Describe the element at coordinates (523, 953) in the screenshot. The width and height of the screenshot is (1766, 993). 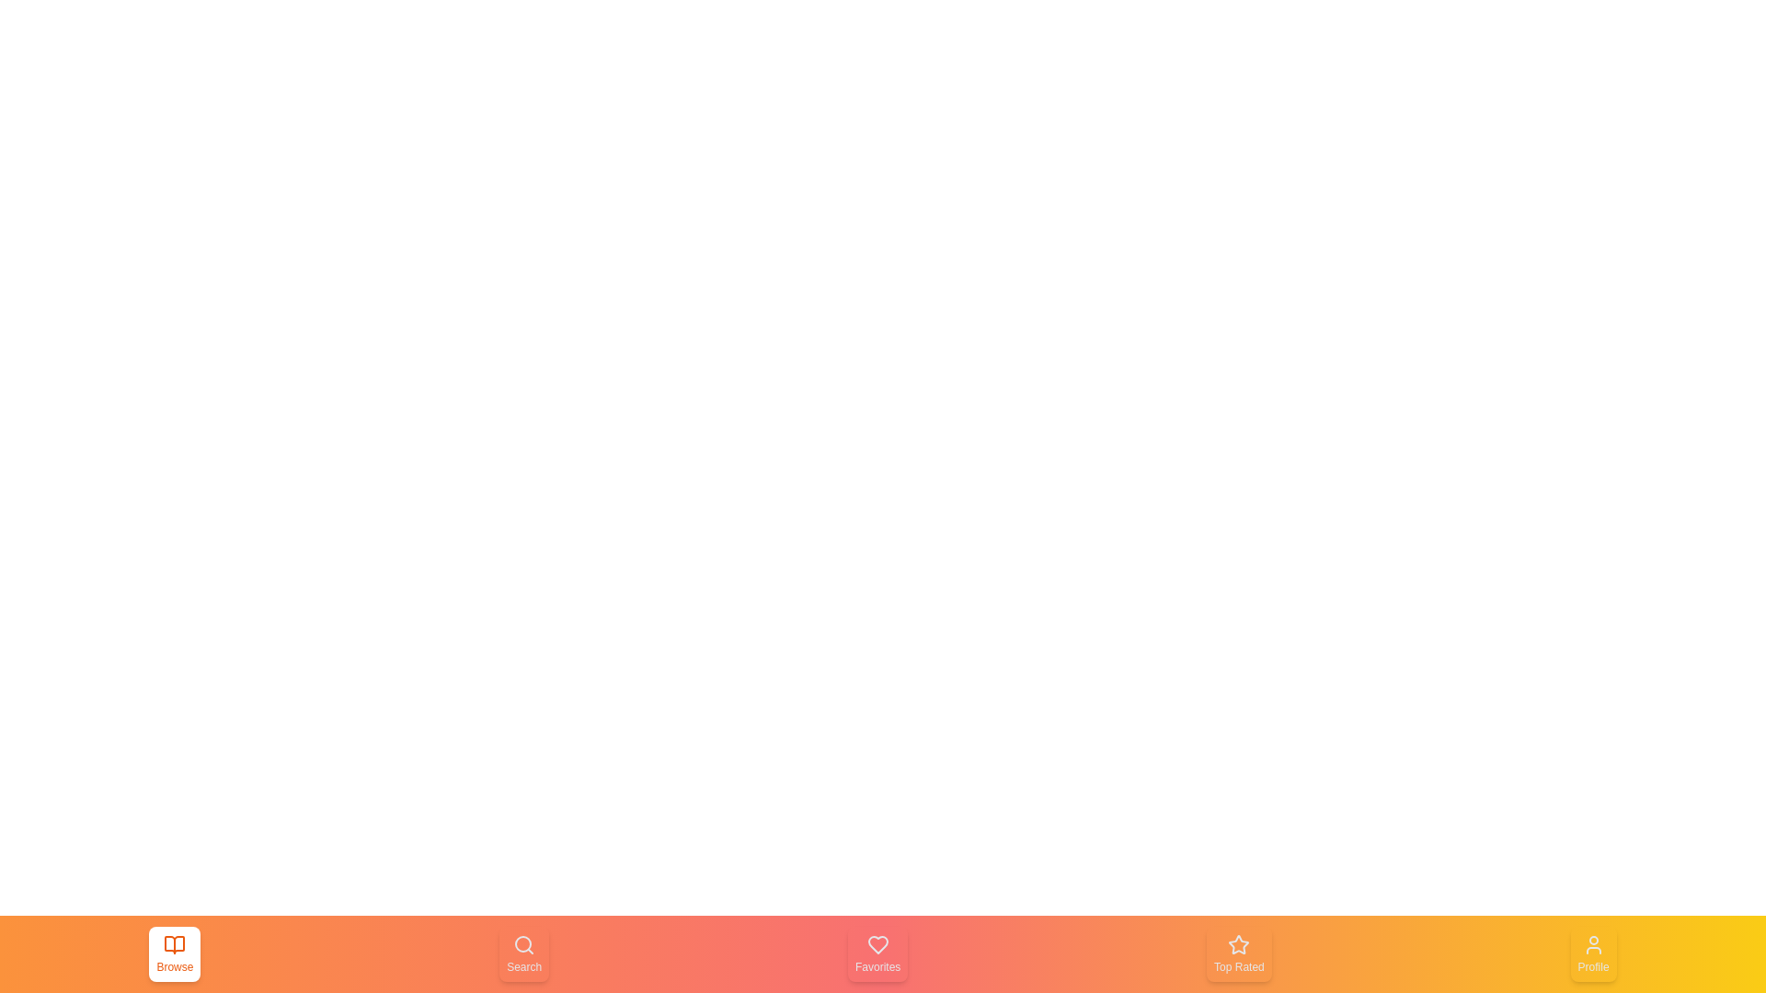
I see `the tab Search by clicking on the corresponding button` at that location.